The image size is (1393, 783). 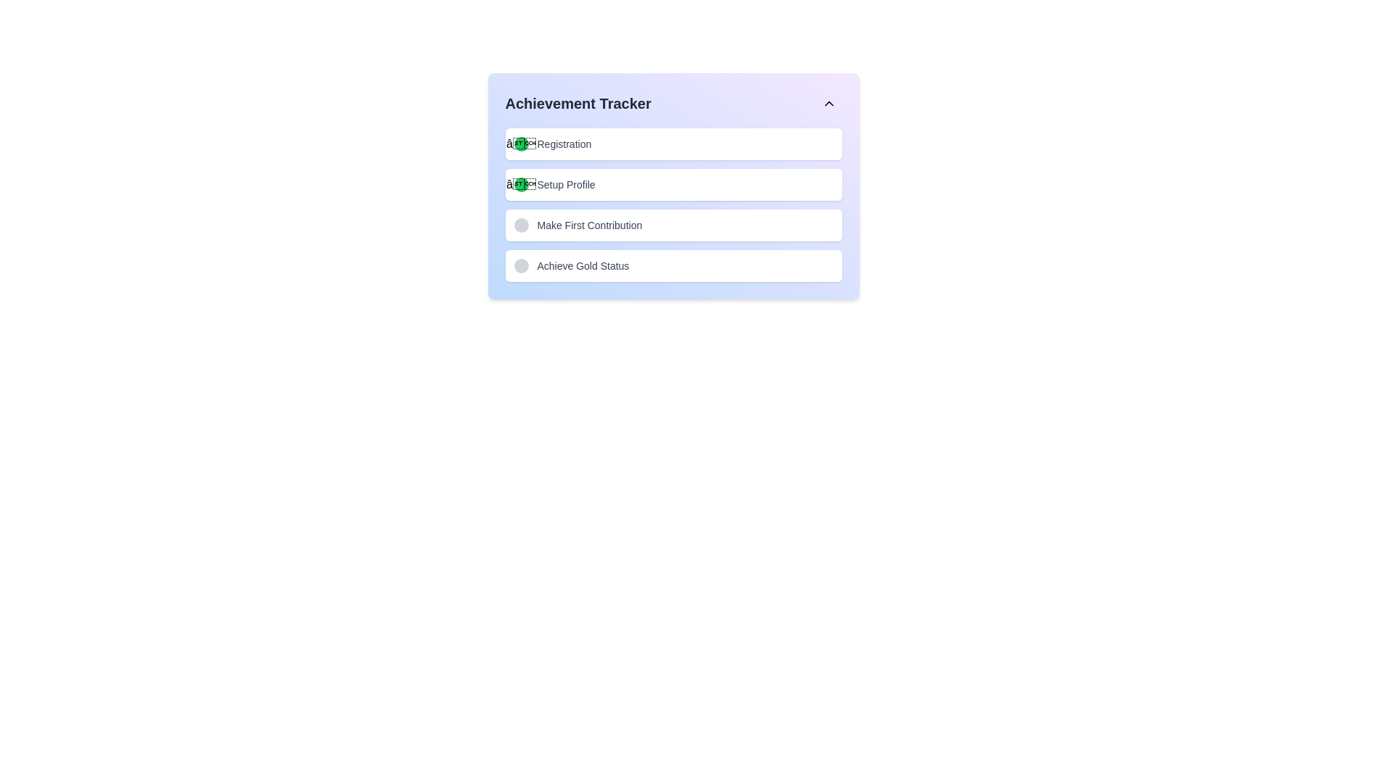 I want to click on the center of the 'Achieve Gold Status' display-only icon to interact if it is enabled, so click(x=521, y=265).